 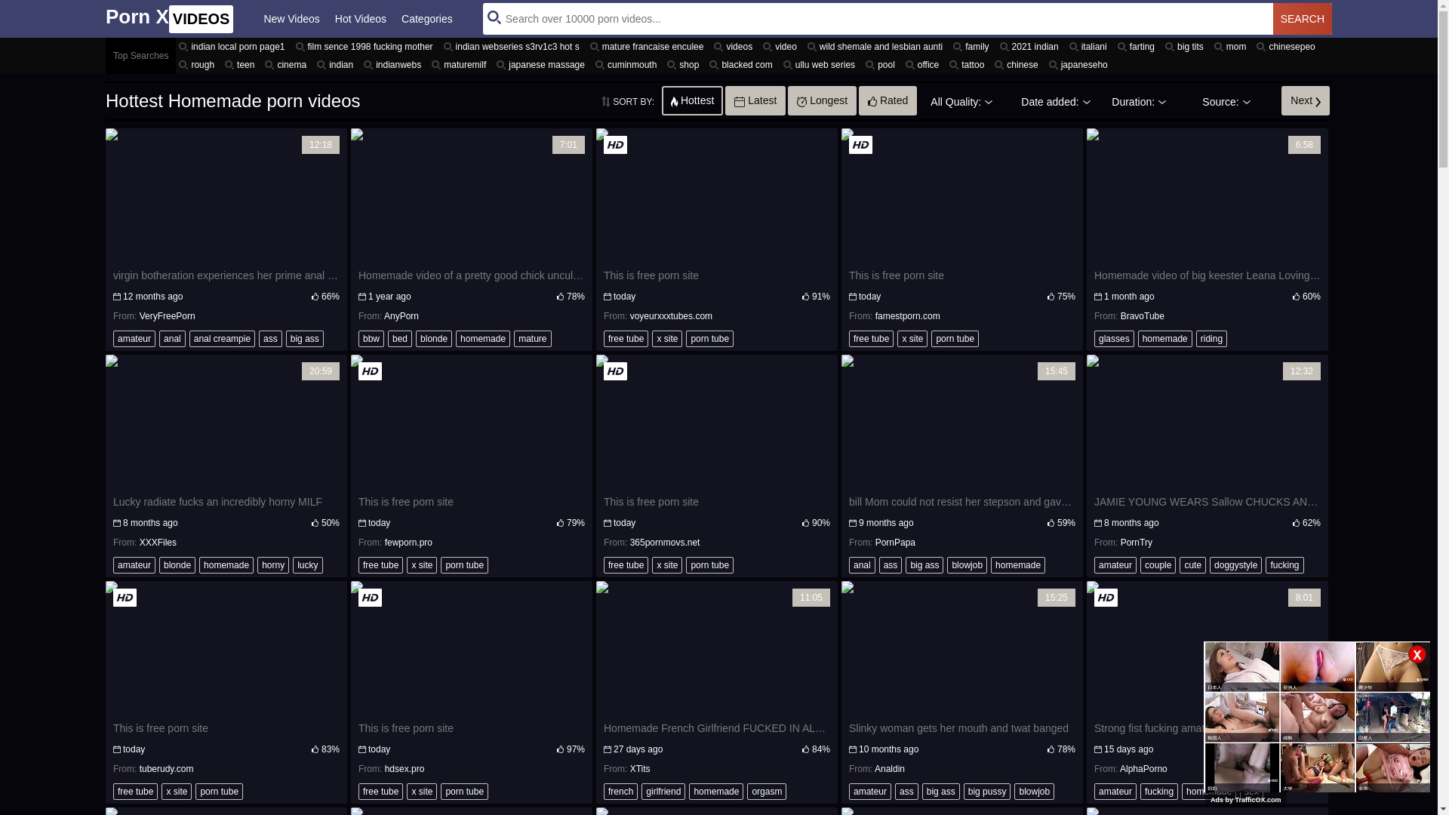 What do you see at coordinates (408, 541) in the screenshot?
I see `'fewporn.pro'` at bounding box center [408, 541].